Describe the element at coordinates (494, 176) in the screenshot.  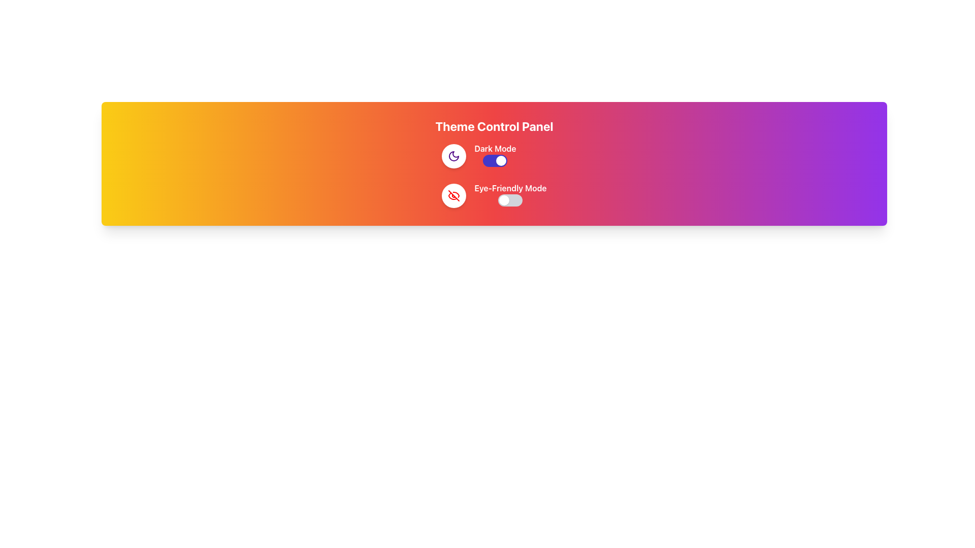
I see `the toggle switch in the control panel for 'Dark Mode' and 'Eye-Friendly Mode'` at that location.